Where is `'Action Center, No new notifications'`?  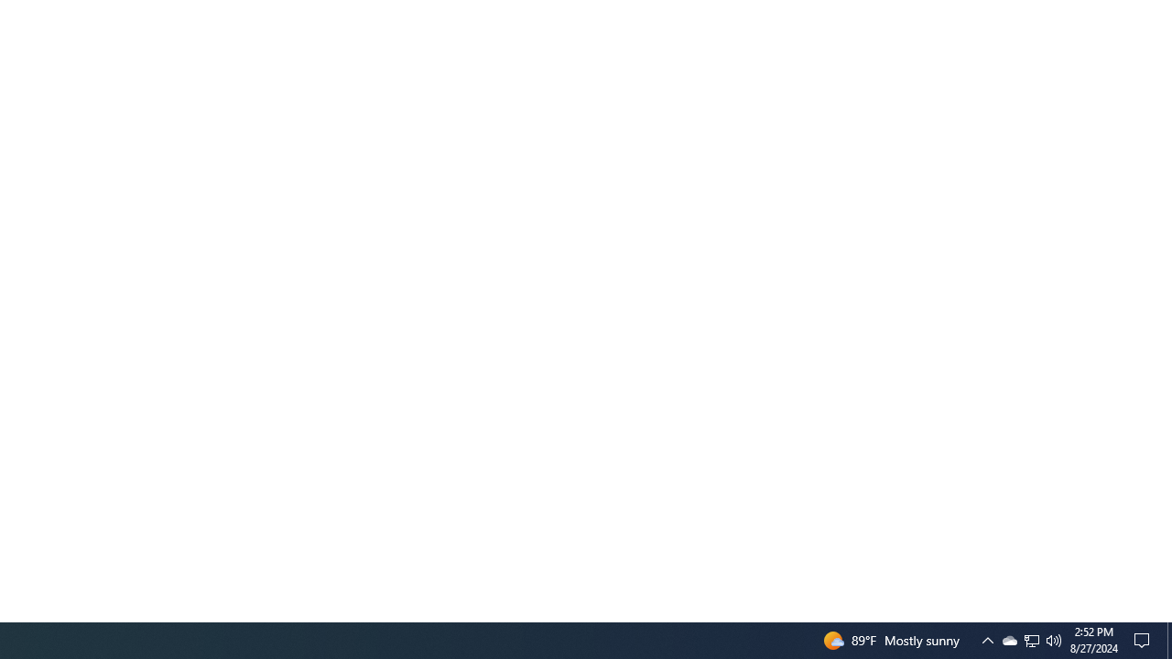 'Action Center, No new notifications' is located at coordinates (1145, 639).